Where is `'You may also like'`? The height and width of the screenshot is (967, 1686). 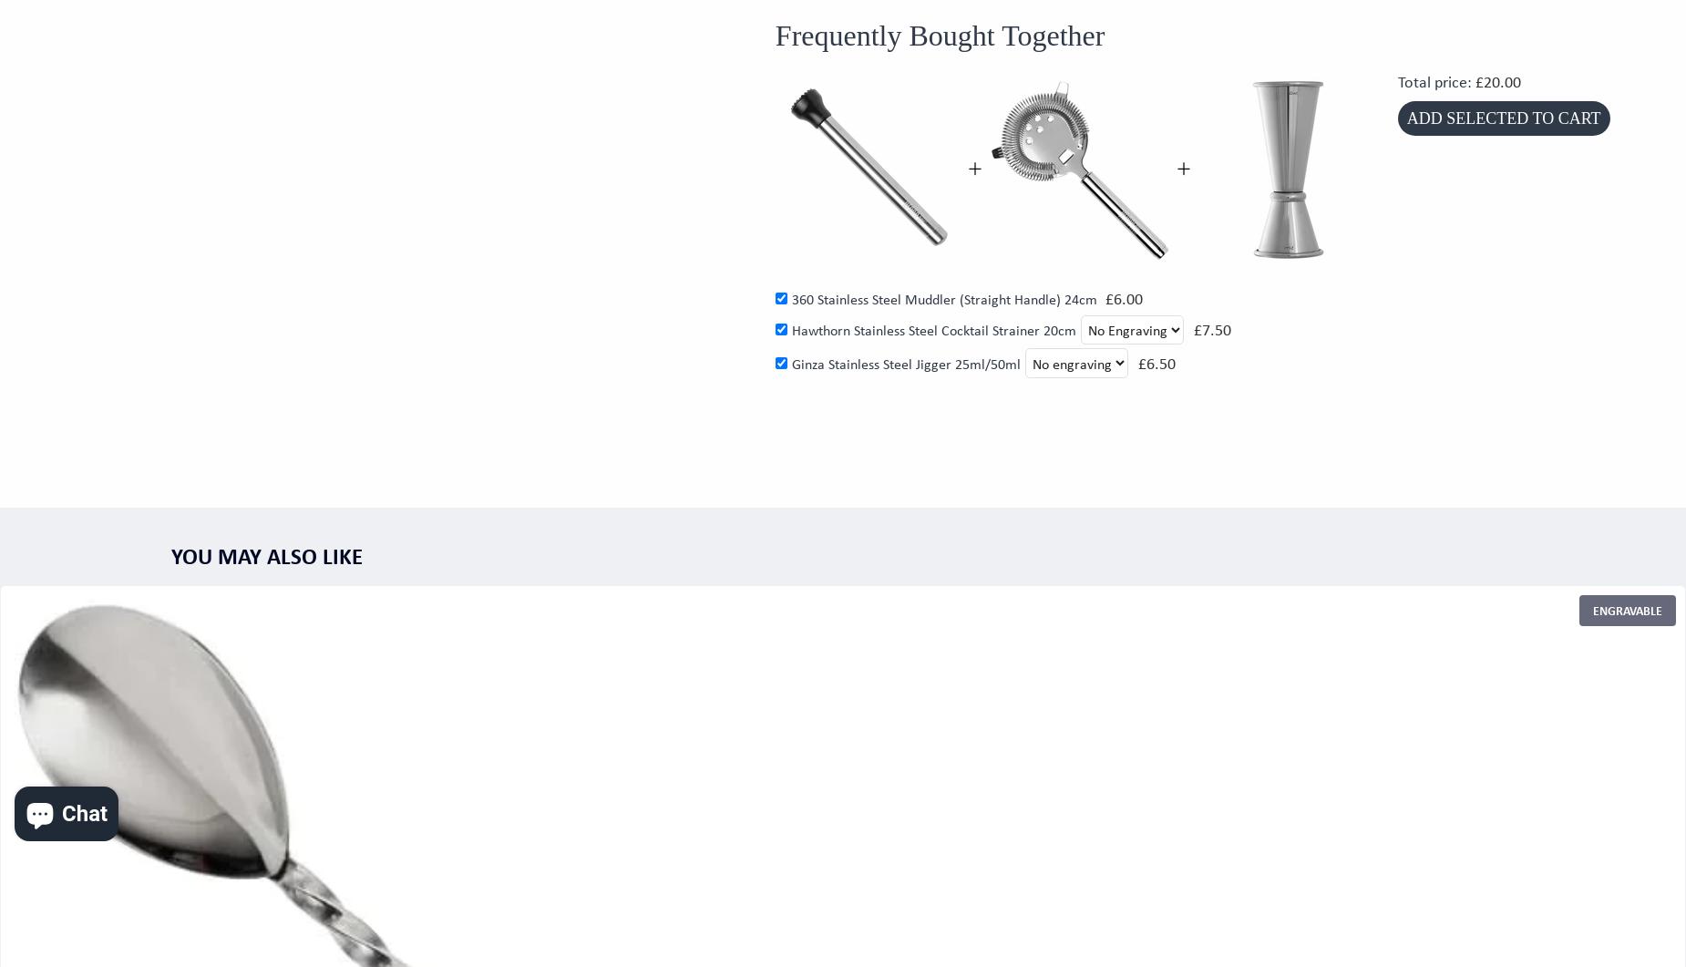 'You may also like' is located at coordinates (170, 553).